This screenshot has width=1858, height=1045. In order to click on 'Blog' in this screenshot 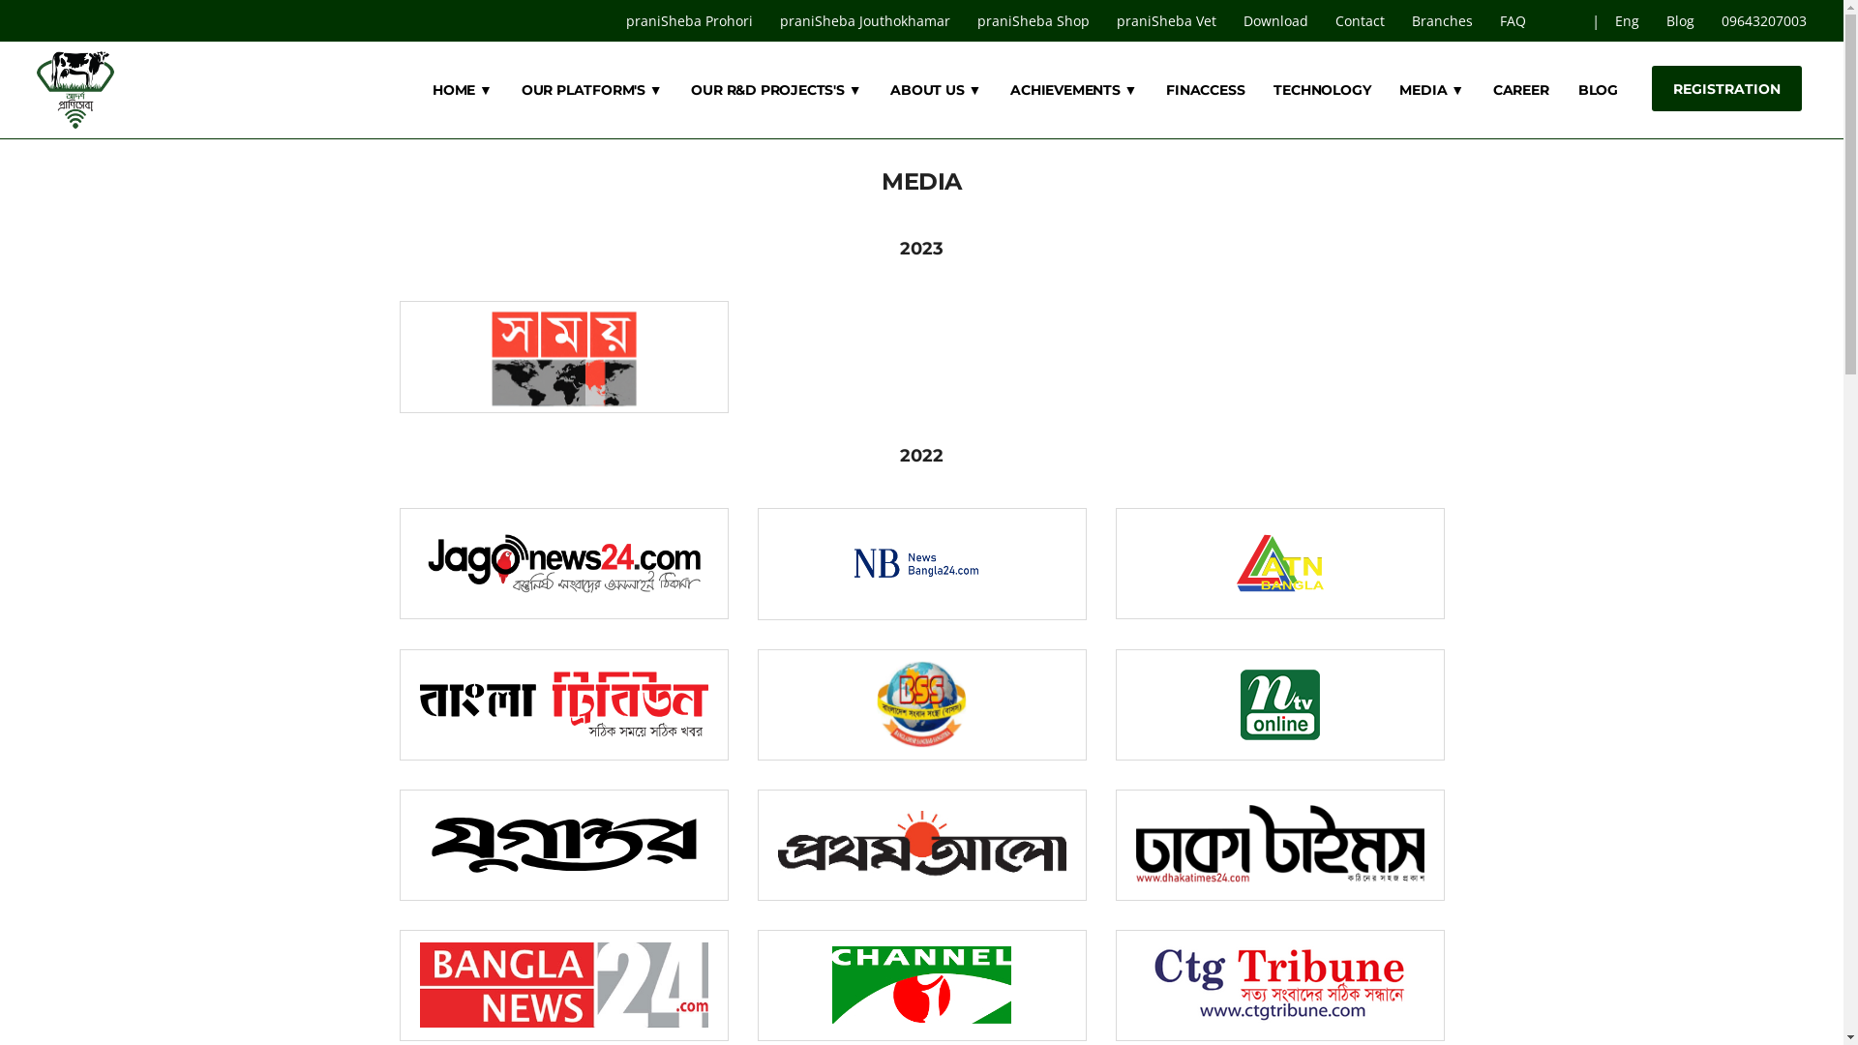, I will do `click(1681, 20)`.